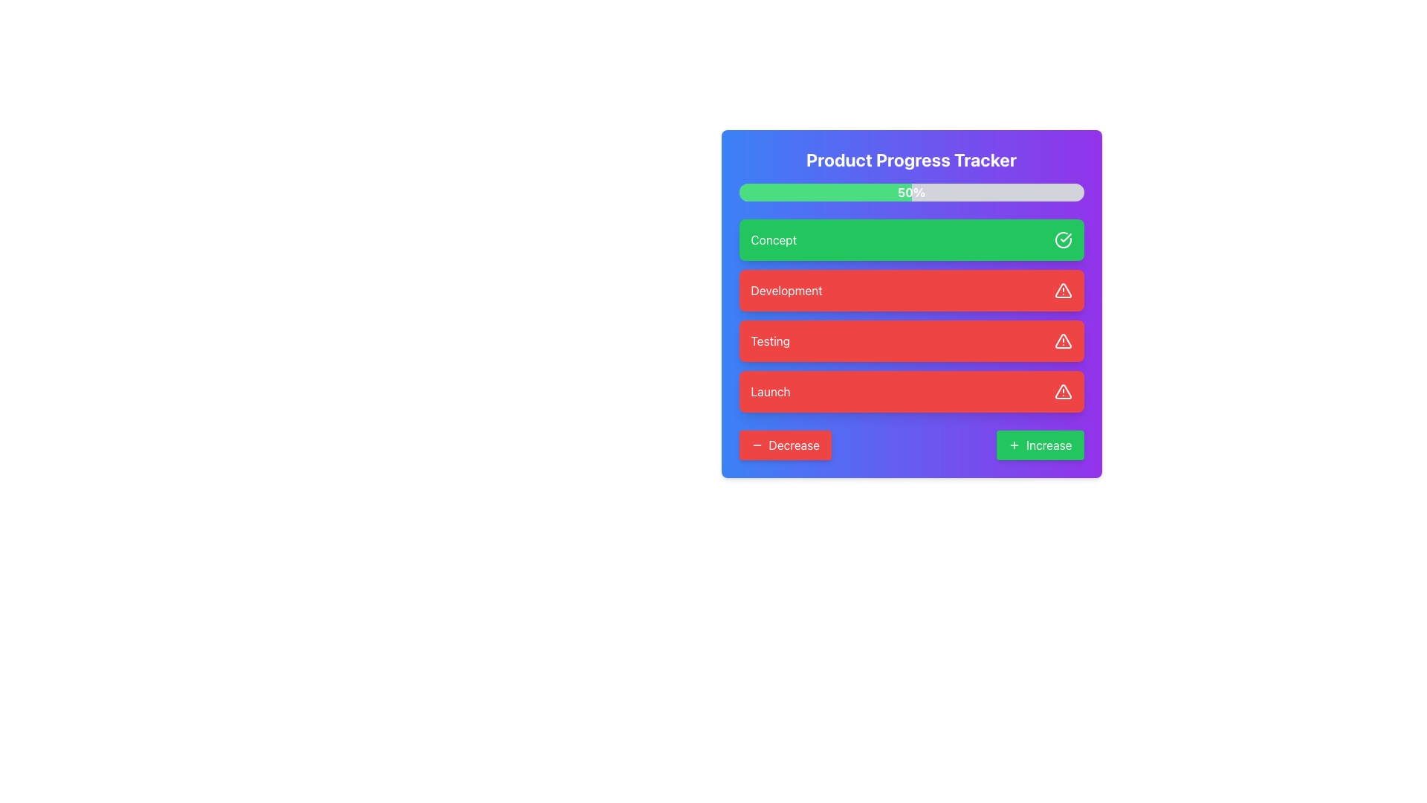 This screenshot has width=1427, height=803. I want to click on the progress bar indicating '50%' in the Product Progress Tracker card interface, so click(910, 191).